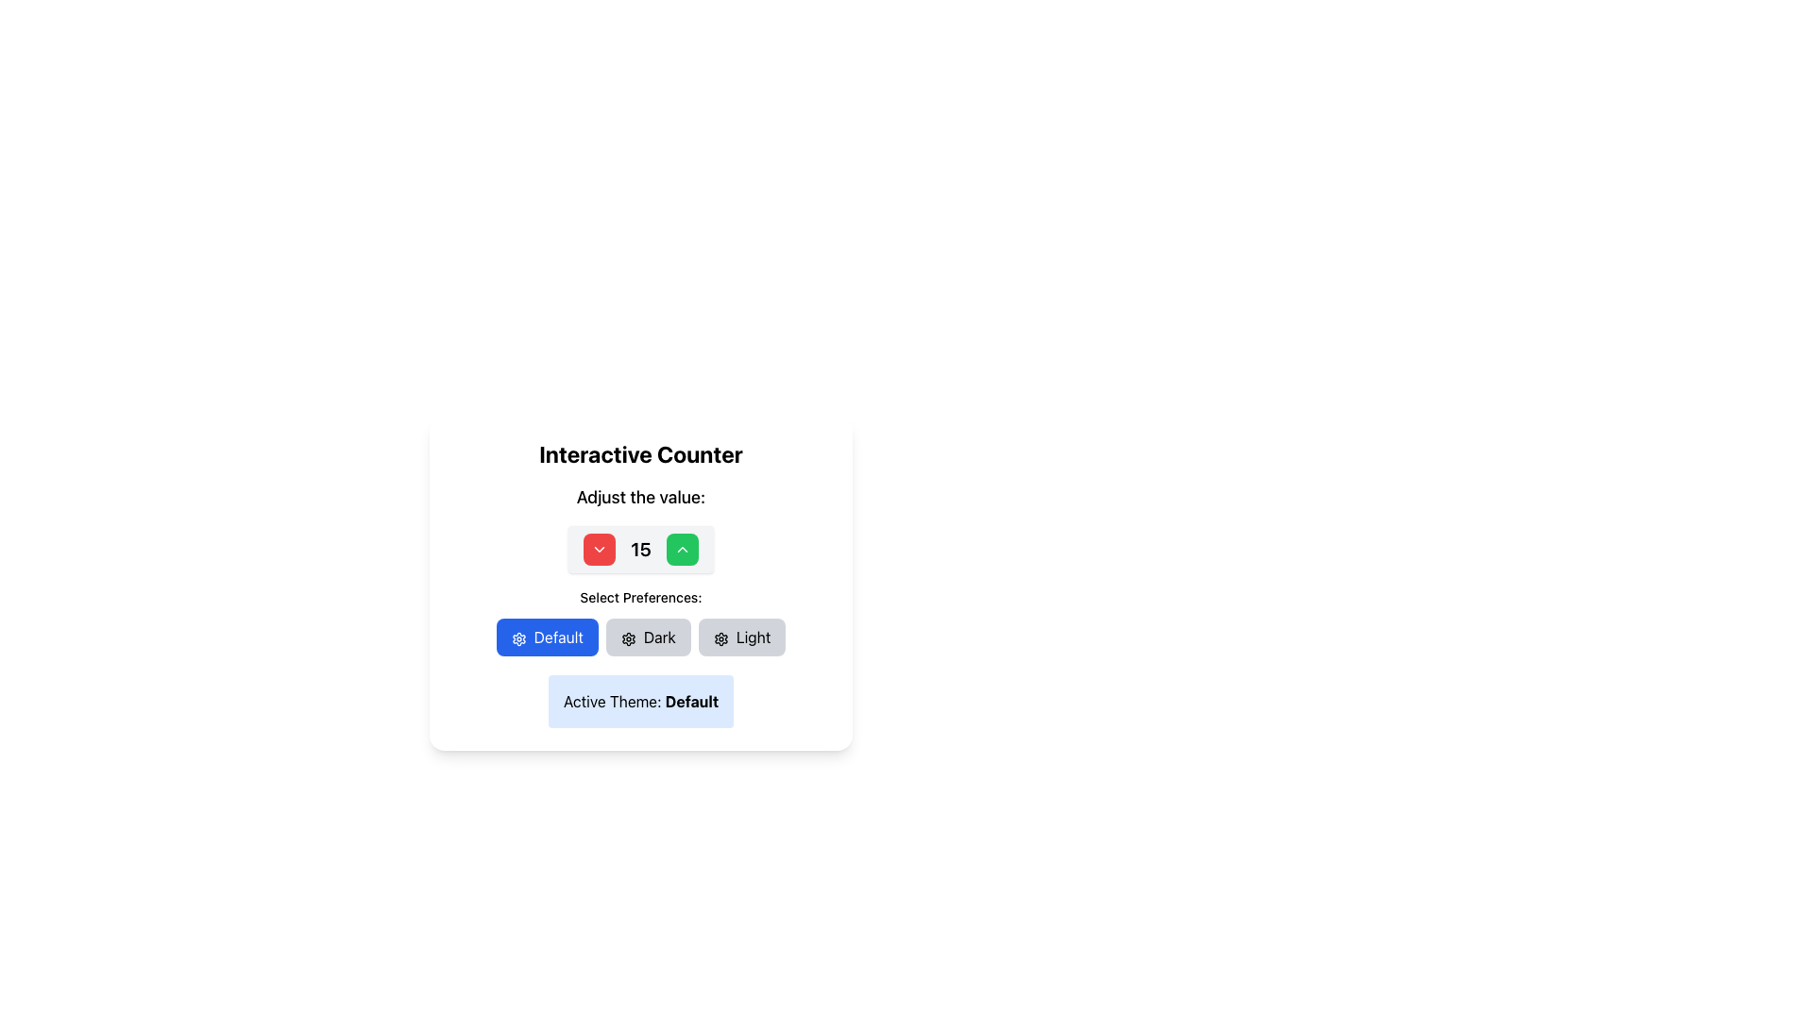 Image resolution: width=1813 pixels, height=1020 pixels. What do you see at coordinates (741, 637) in the screenshot?
I see `the button labeled 'Light' with a gear icon` at bounding box center [741, 637].